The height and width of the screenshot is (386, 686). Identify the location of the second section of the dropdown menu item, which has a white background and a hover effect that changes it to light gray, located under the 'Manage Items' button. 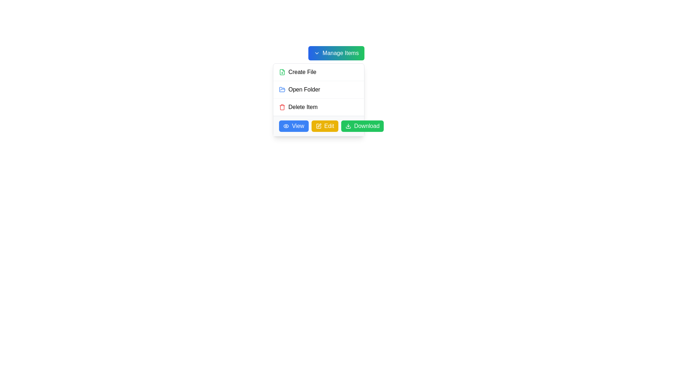
(318, 89).